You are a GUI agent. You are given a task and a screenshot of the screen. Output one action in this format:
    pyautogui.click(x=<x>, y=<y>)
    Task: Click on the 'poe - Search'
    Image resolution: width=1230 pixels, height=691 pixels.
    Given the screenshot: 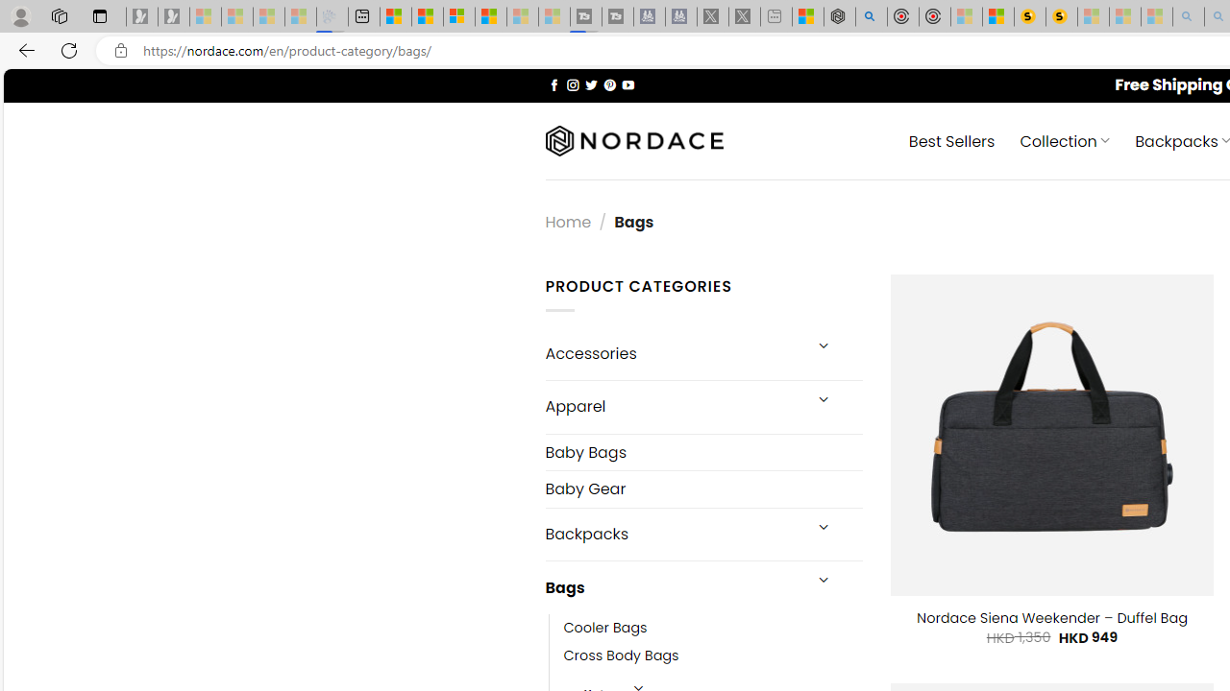 What is the action you would take?
    pyautogui.click(x=870, y=16)
    